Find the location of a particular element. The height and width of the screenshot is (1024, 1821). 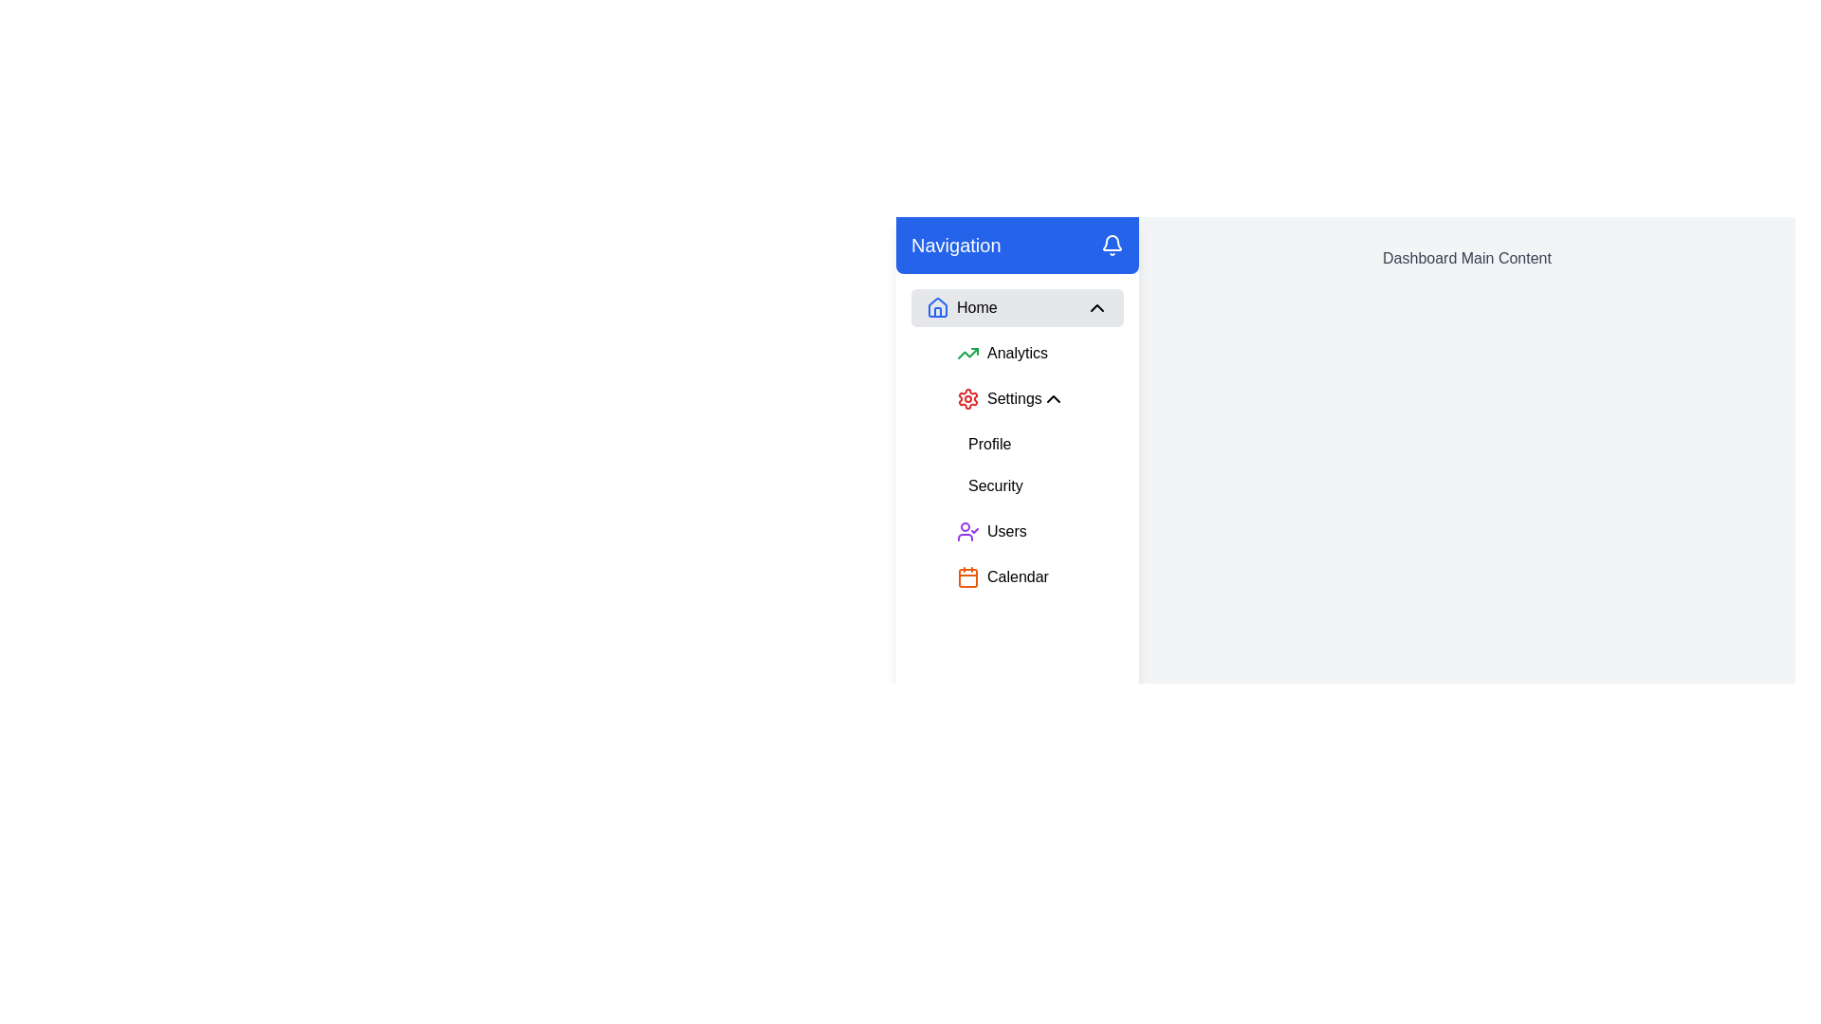

the red cogwheel icon in the navigation sidebar that is associated with settings or configuration functionalities is located at coordinates (968, 397).